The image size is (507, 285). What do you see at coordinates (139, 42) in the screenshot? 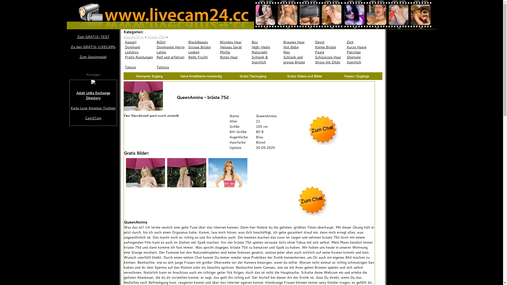
I see `'Asiagirl'` at bounding box center [139, 42].